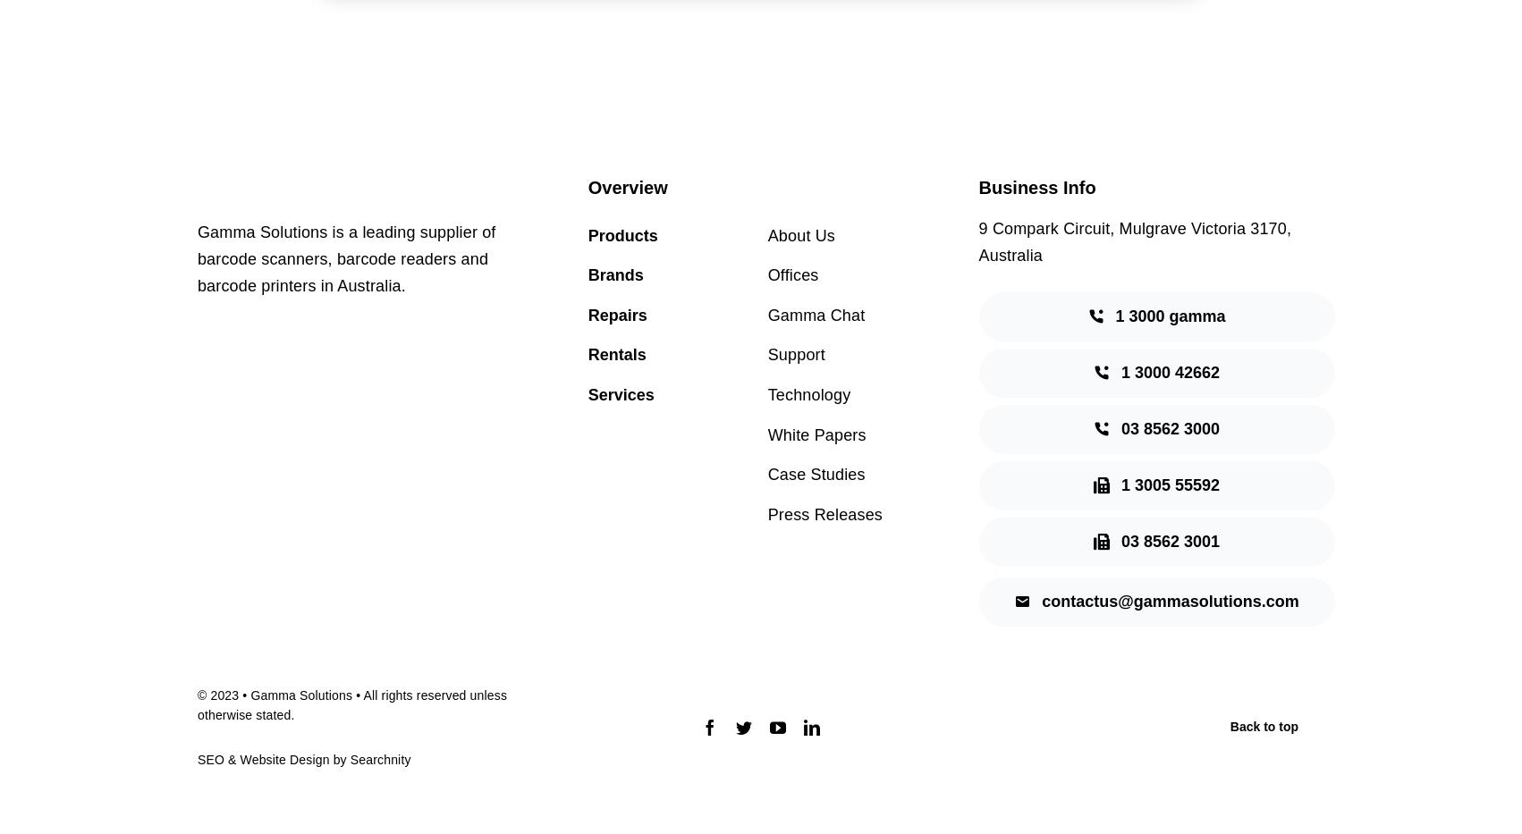 This screenshot has height=834, width=1522. Describe the element at coordinates (1263, 727) in the screenshot. I see `'Back to top'` at that location.